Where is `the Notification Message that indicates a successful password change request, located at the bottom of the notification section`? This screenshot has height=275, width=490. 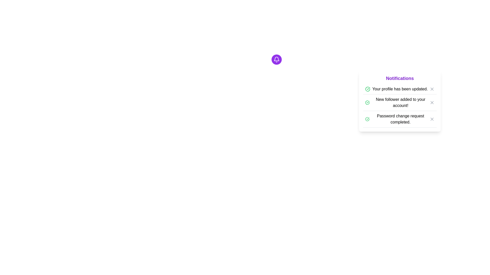 the Notification Message that indicates a successful password change request, located at the bottom of the notification section is located at coordinates (400, 119).